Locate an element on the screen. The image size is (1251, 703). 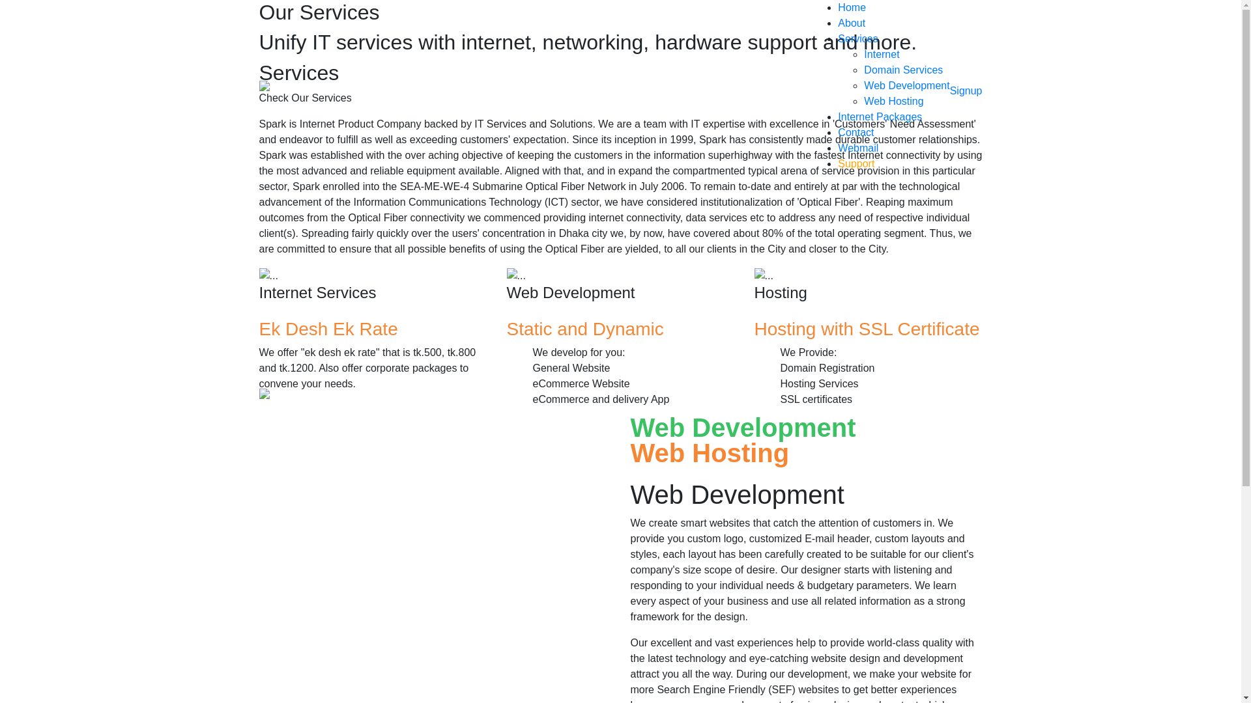
'Internet Packages' is located at coordinates (880, 116).